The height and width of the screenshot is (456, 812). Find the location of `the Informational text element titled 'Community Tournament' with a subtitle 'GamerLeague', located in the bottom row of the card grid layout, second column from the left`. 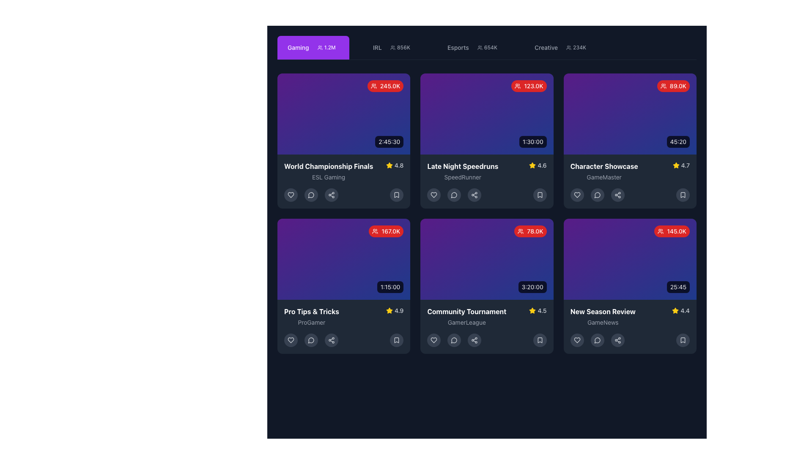

the Informational text element titled 'Community Tournament' with a subtitle 'GamerLeague', located in the bottom row of the card grid layout, second column from the left is located at coordinates (466, 316).